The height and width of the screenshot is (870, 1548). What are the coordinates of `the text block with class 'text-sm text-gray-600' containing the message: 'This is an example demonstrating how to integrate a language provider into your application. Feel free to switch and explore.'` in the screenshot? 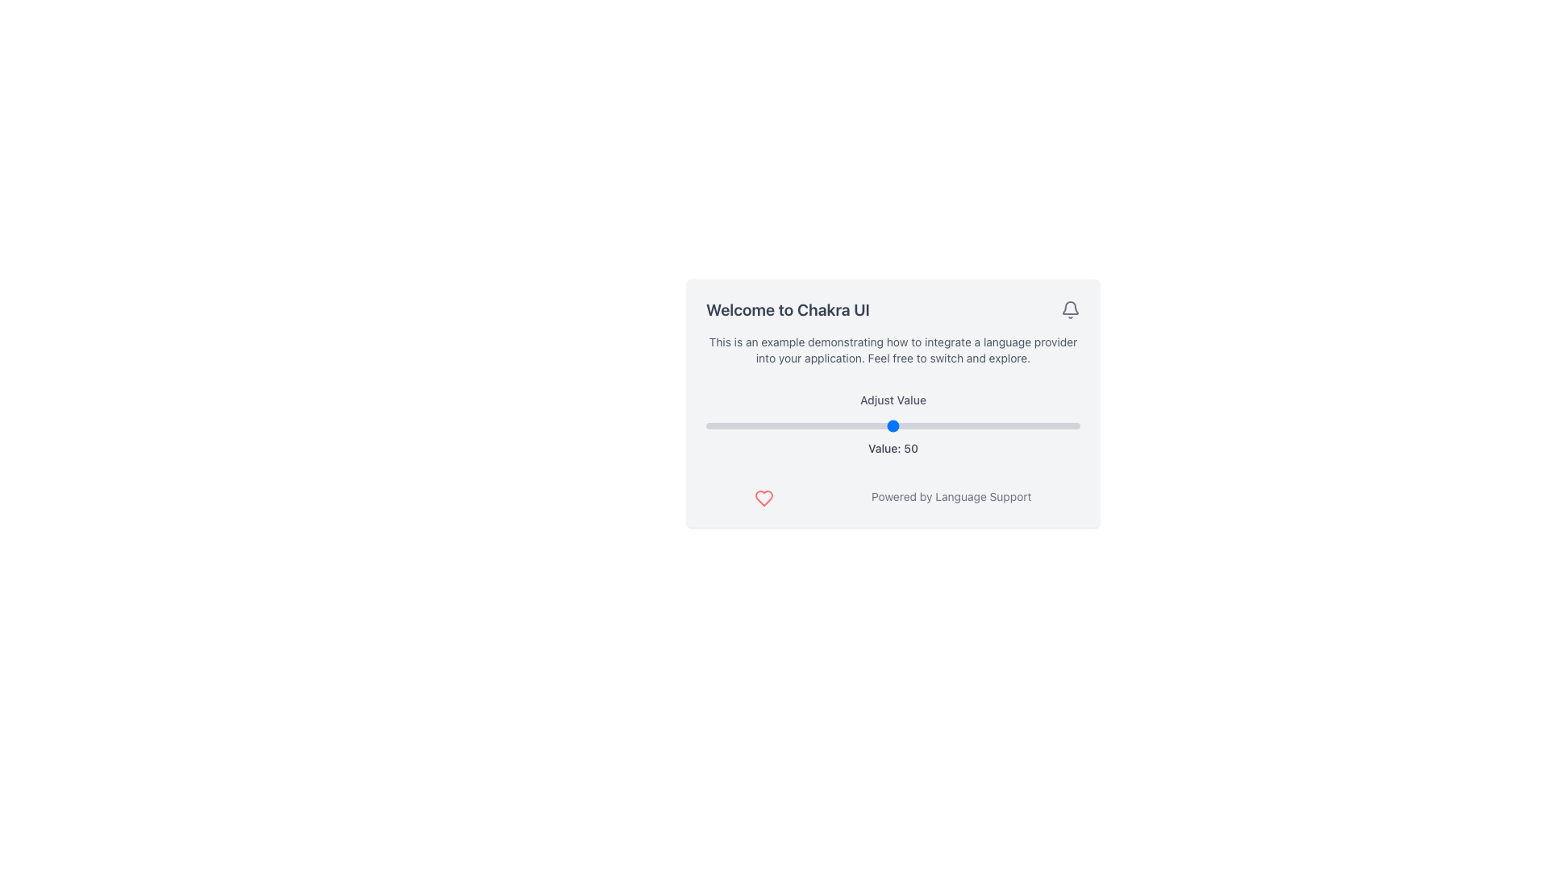 It's located at (893, 350).